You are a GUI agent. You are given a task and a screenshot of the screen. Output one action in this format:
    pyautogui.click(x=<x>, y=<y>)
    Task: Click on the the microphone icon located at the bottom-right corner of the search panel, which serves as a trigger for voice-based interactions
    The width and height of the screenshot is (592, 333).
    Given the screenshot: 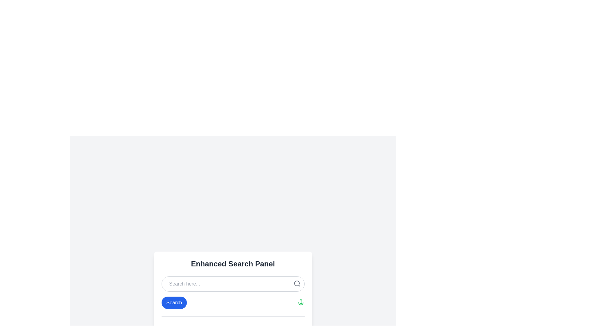 What is the action you would take?
    pyautogui.click(x=301, y=301)
    